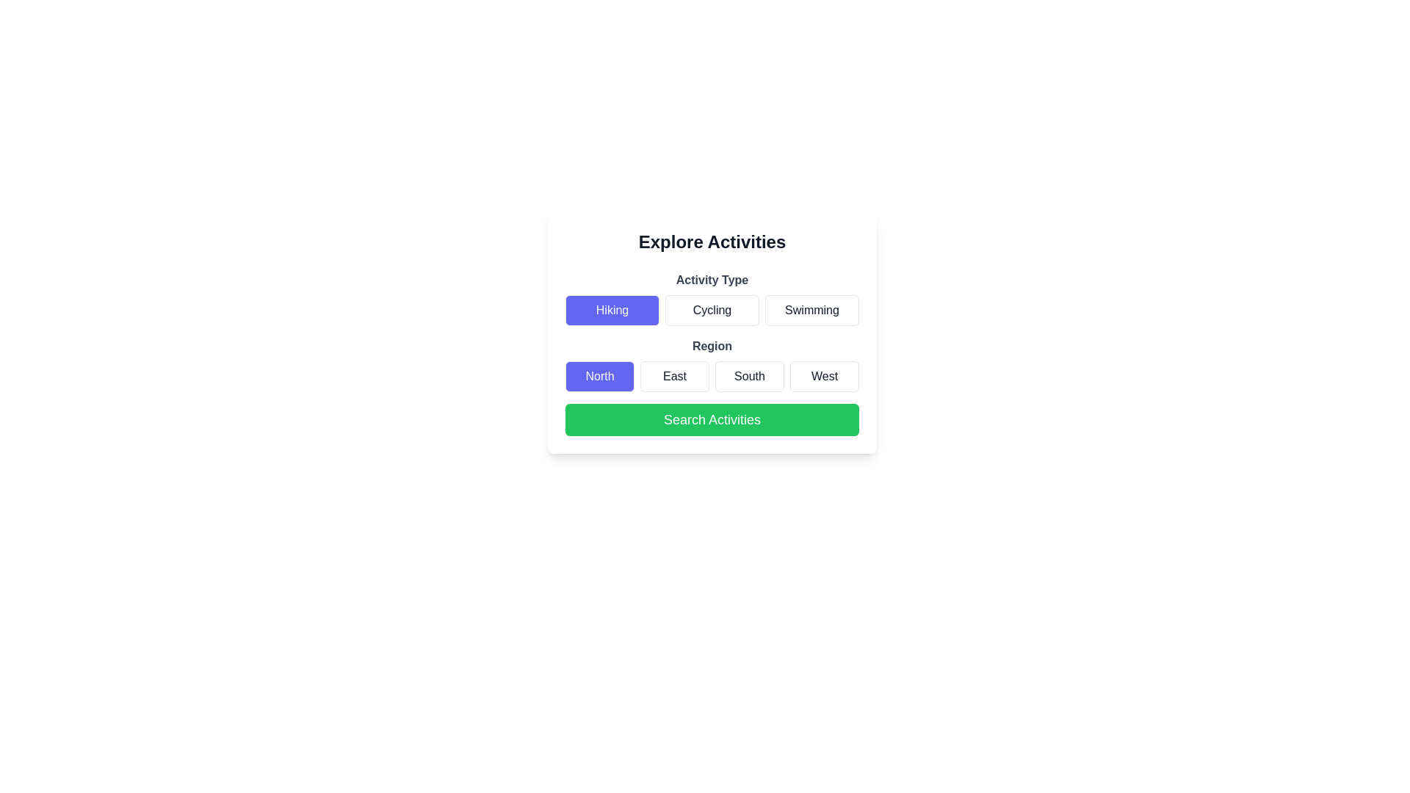  What do you see at coordinates (599, 376) in the screenshot?
I see `the 'North' button with a purple background and white bold text in the 'Region' section to change its state` at bounding box center [599, 376].